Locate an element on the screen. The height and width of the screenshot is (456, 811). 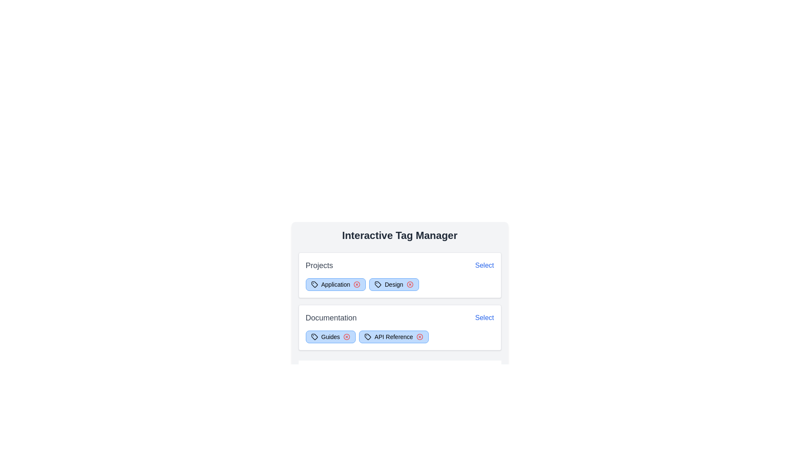
the 'API Reference' tag icon located in the Documentation section, which categorizes the associated label is located at coordinates (367, 337).